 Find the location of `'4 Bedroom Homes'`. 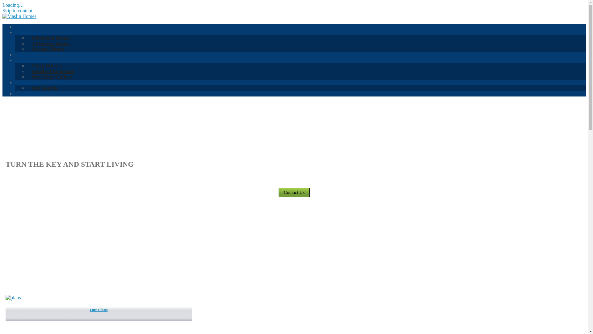

'4 Bedroom Homes' is located at coordinates (51, 38).